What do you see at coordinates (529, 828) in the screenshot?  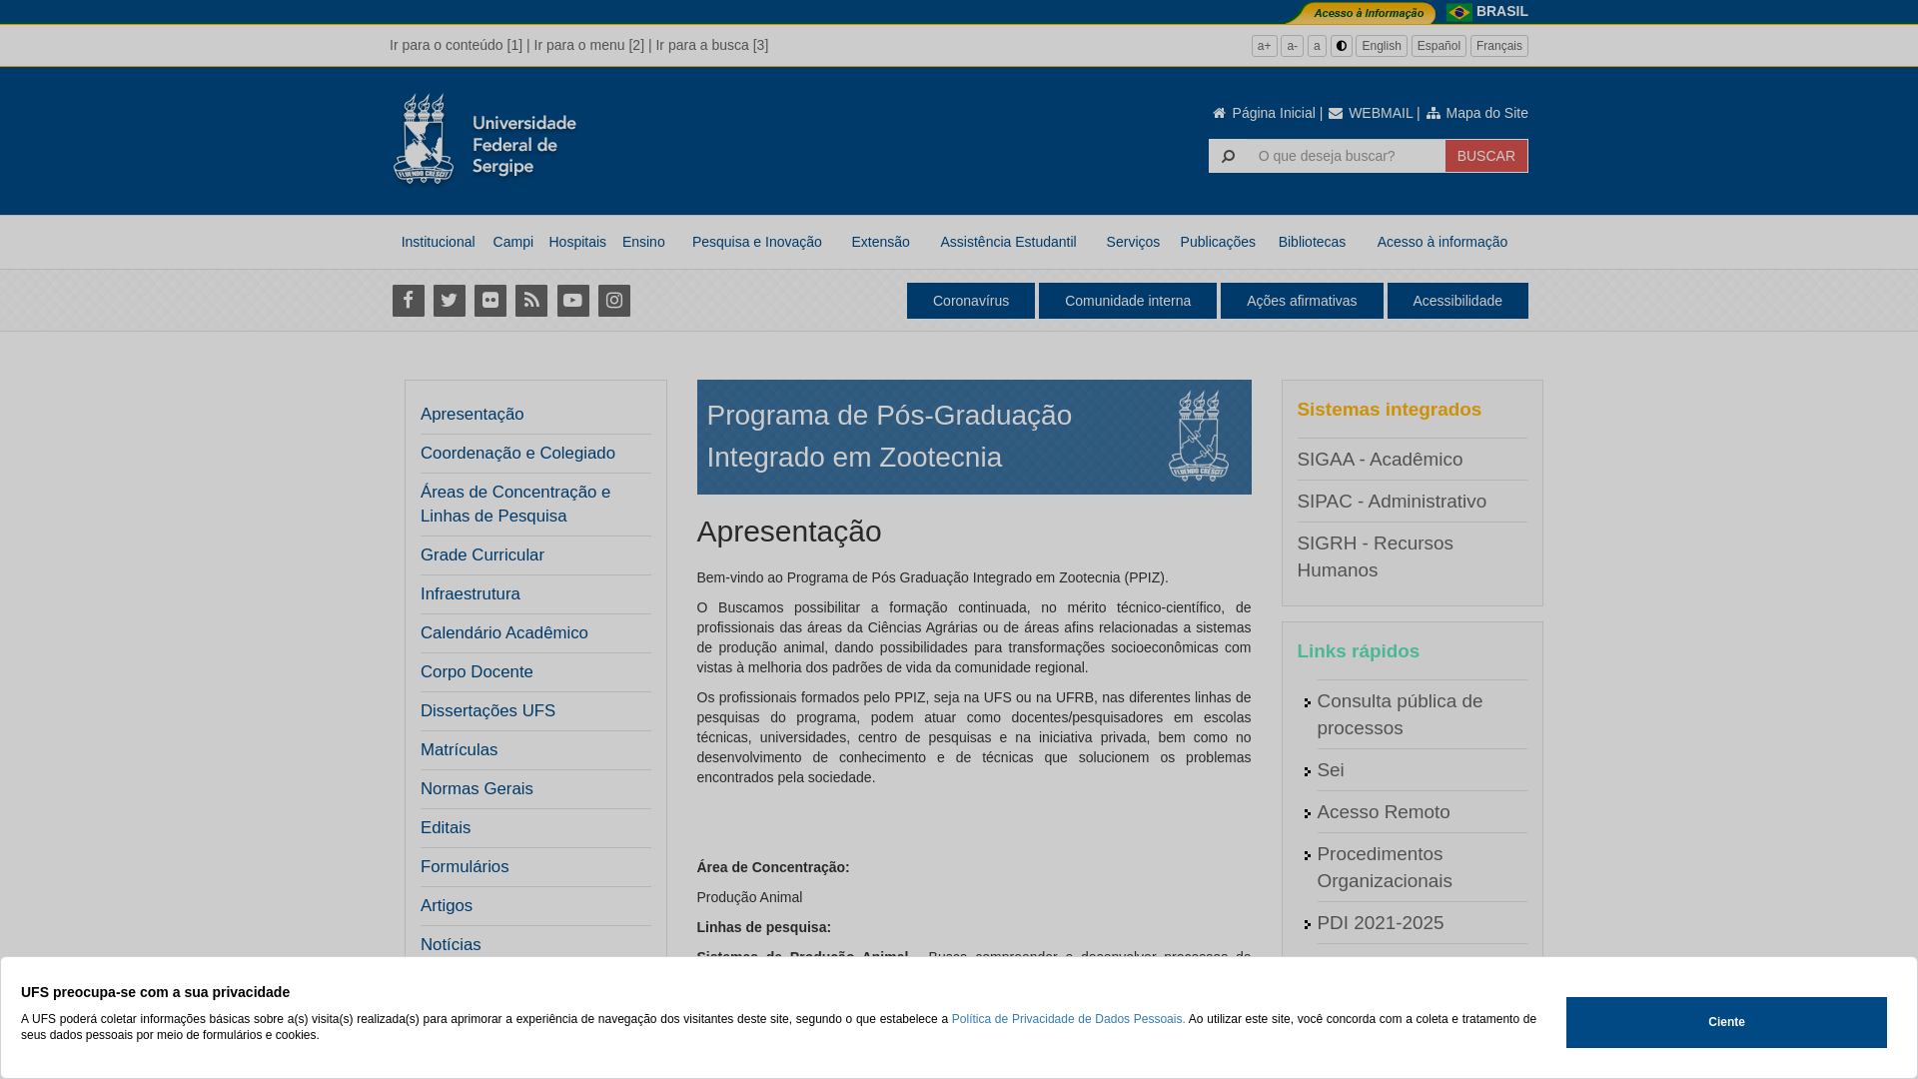 I see `'Editais'` at bounding box center [529, 828].